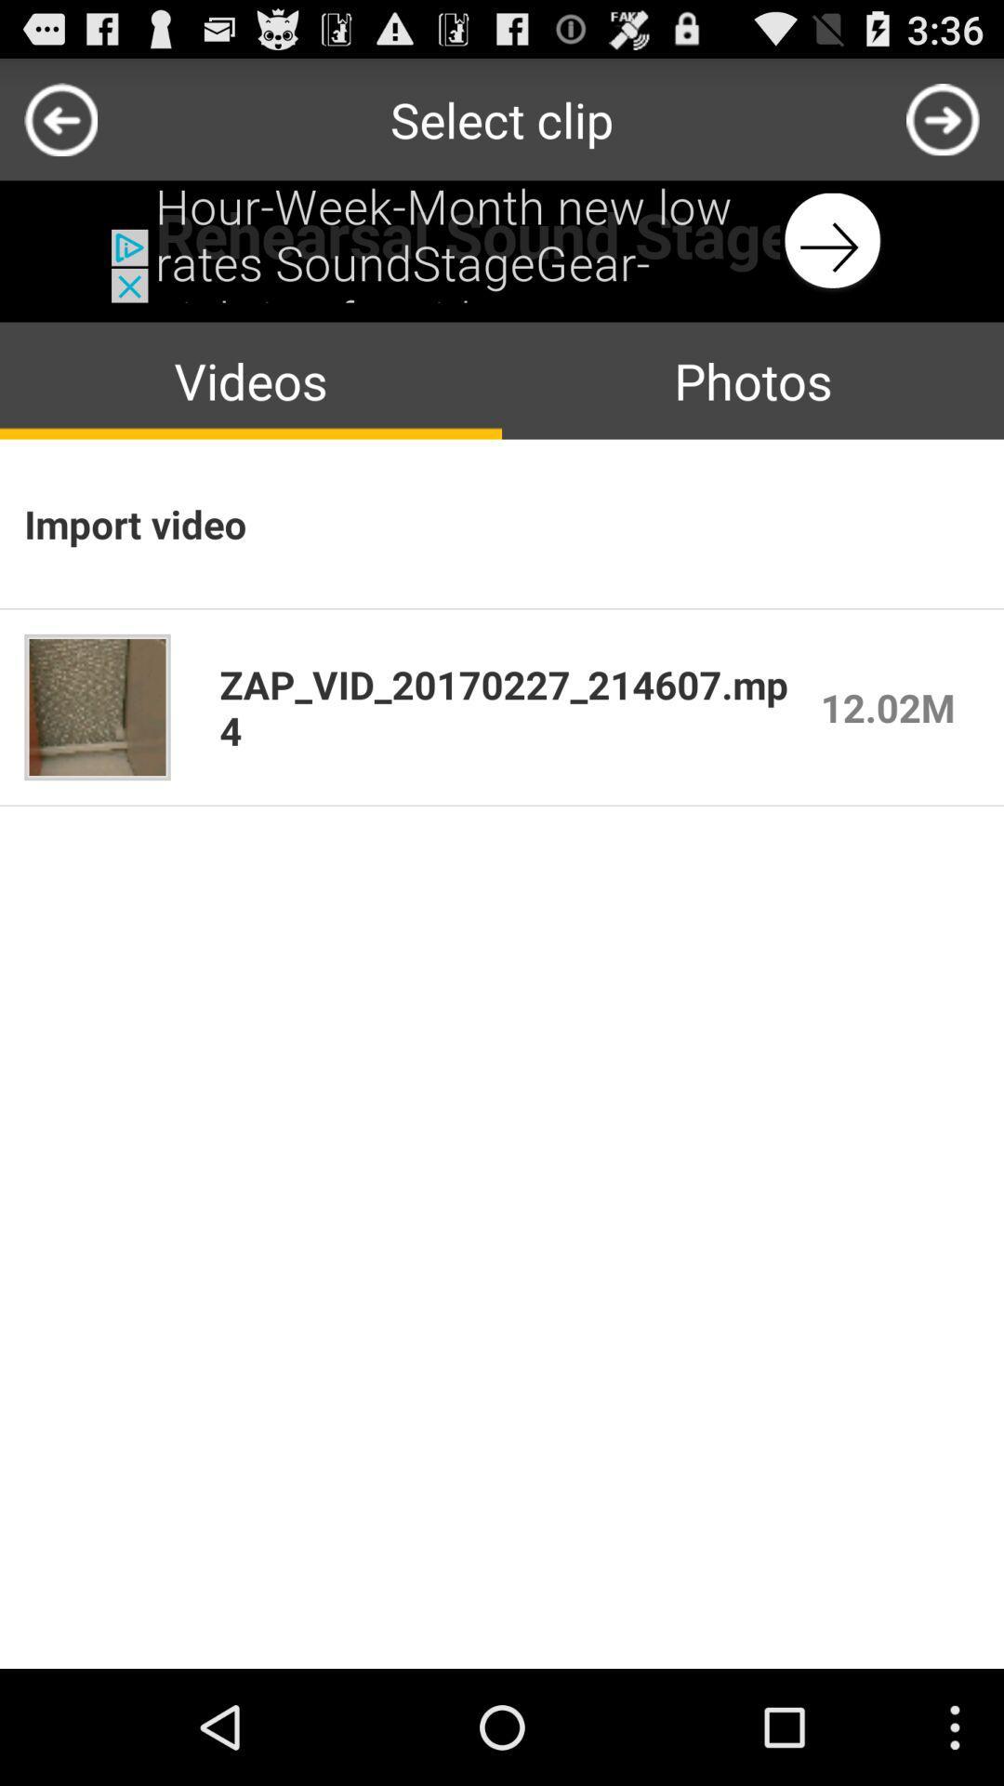 The width and height of the screenshot is (1004, 1786). I want to click on next page, so click(943, 118).